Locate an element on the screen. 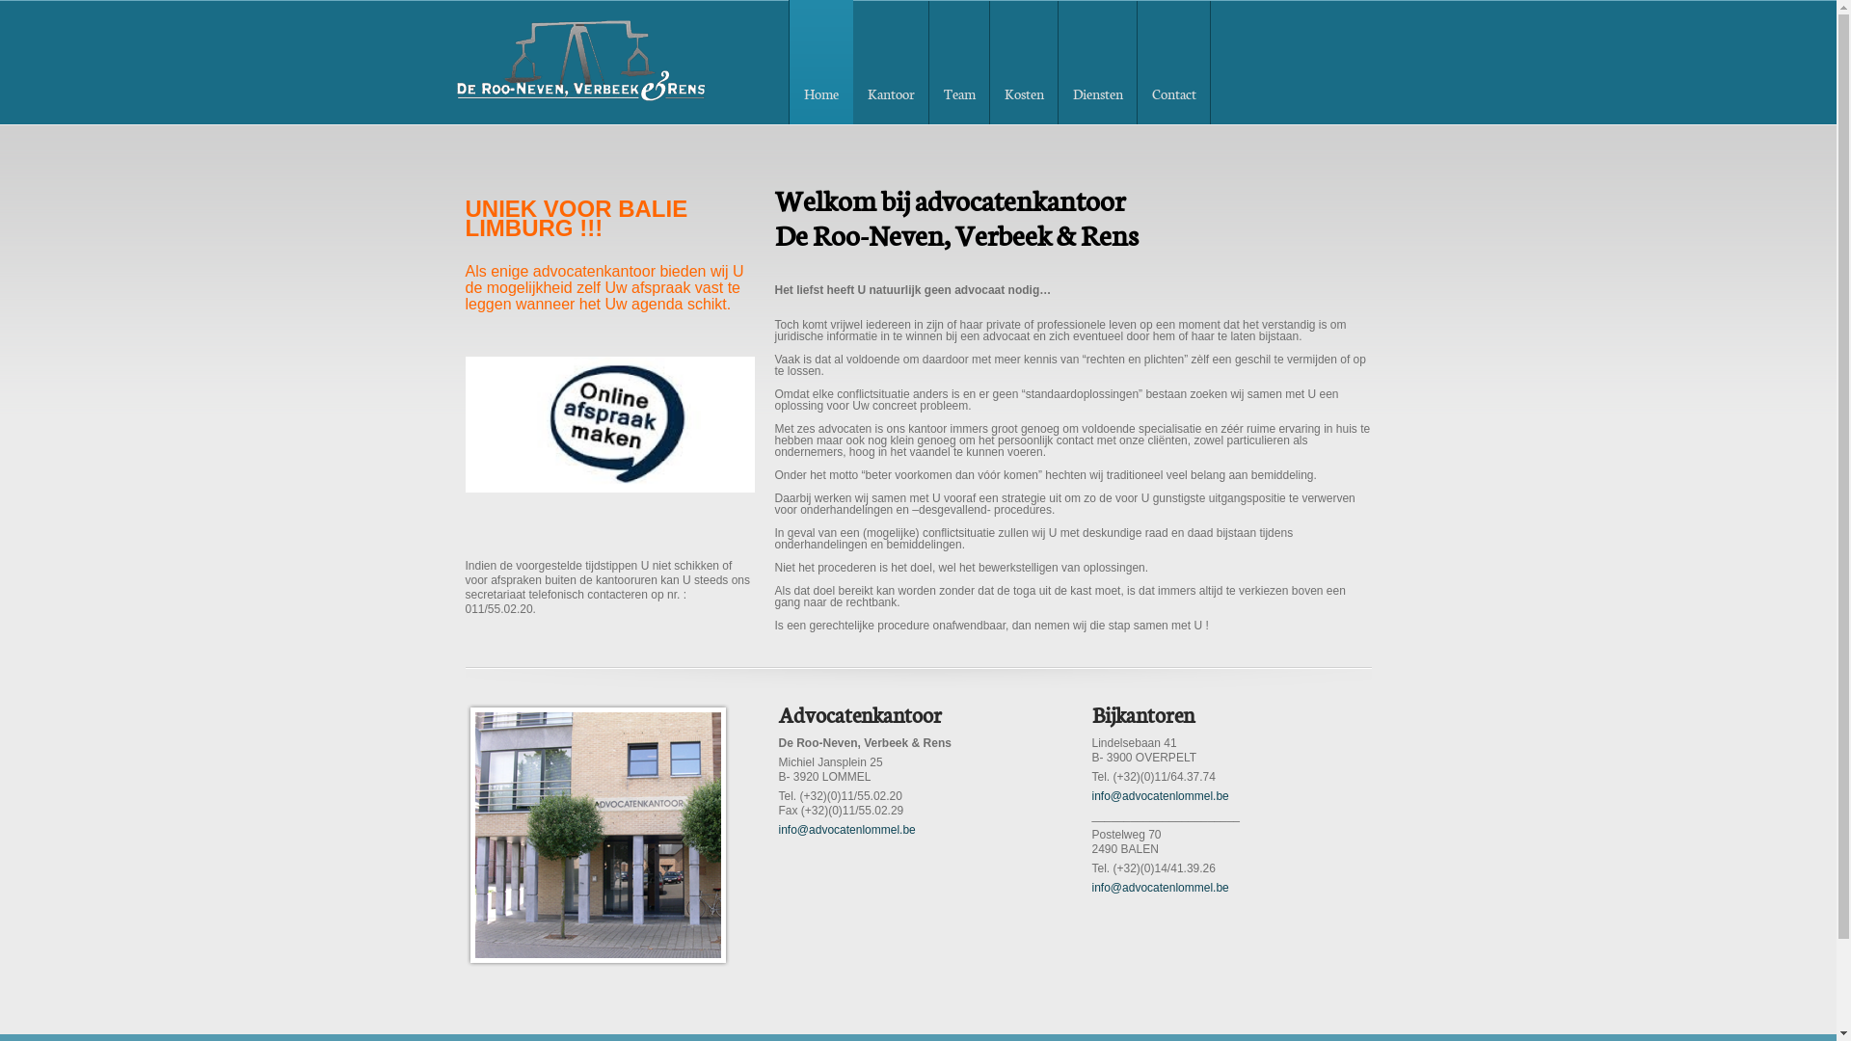 This screenshot has width=1851, height=1041. 'Contact' is located at coordinates (1173, 61).